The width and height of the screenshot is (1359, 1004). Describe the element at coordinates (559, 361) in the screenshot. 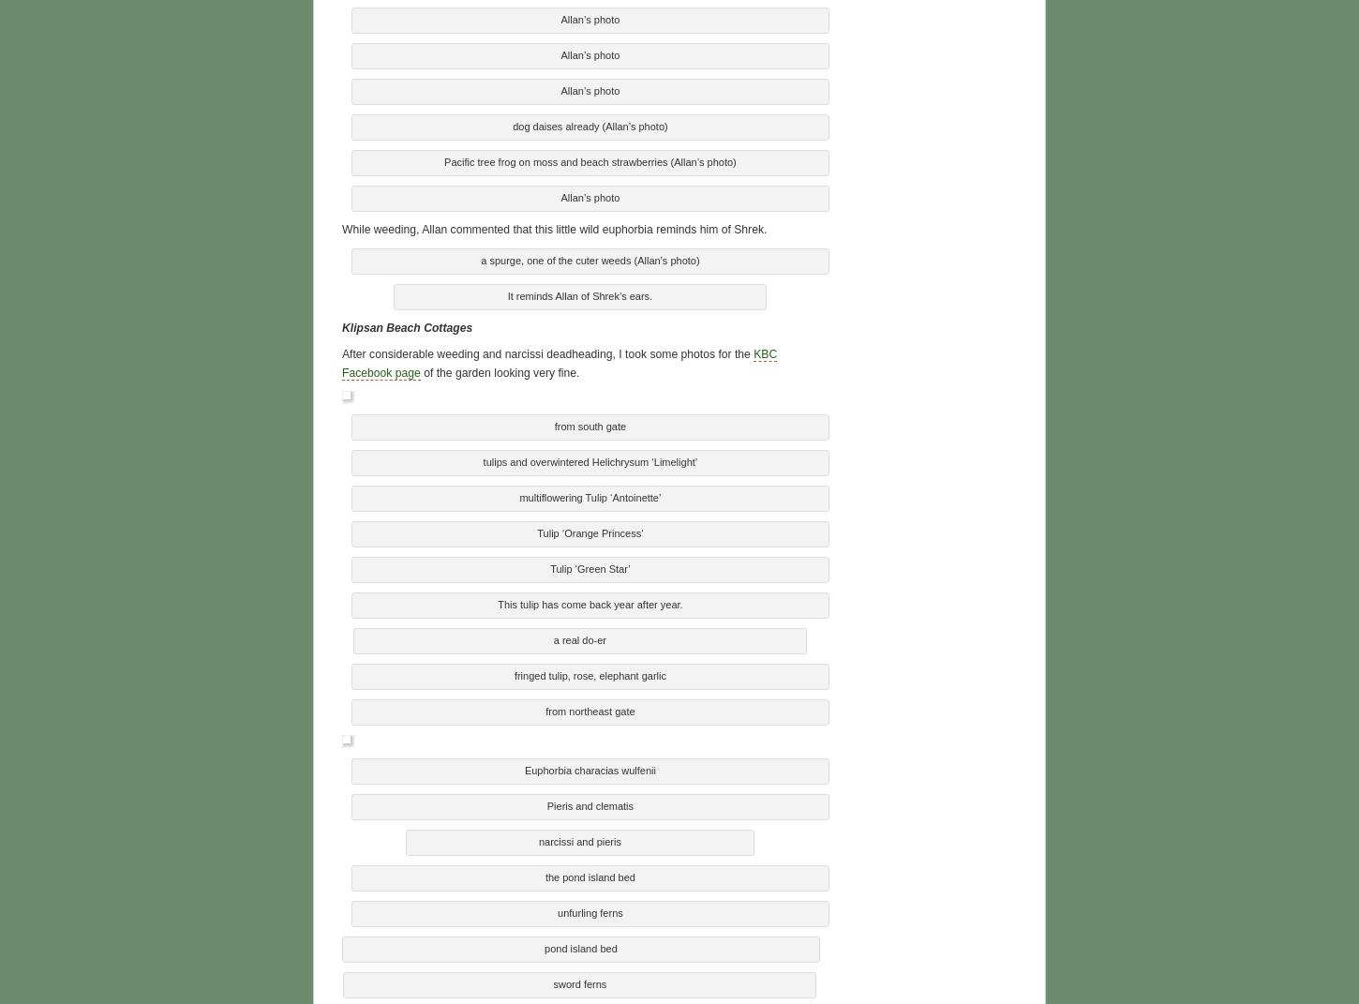

I see `'KBC Facebook page'` at that location.